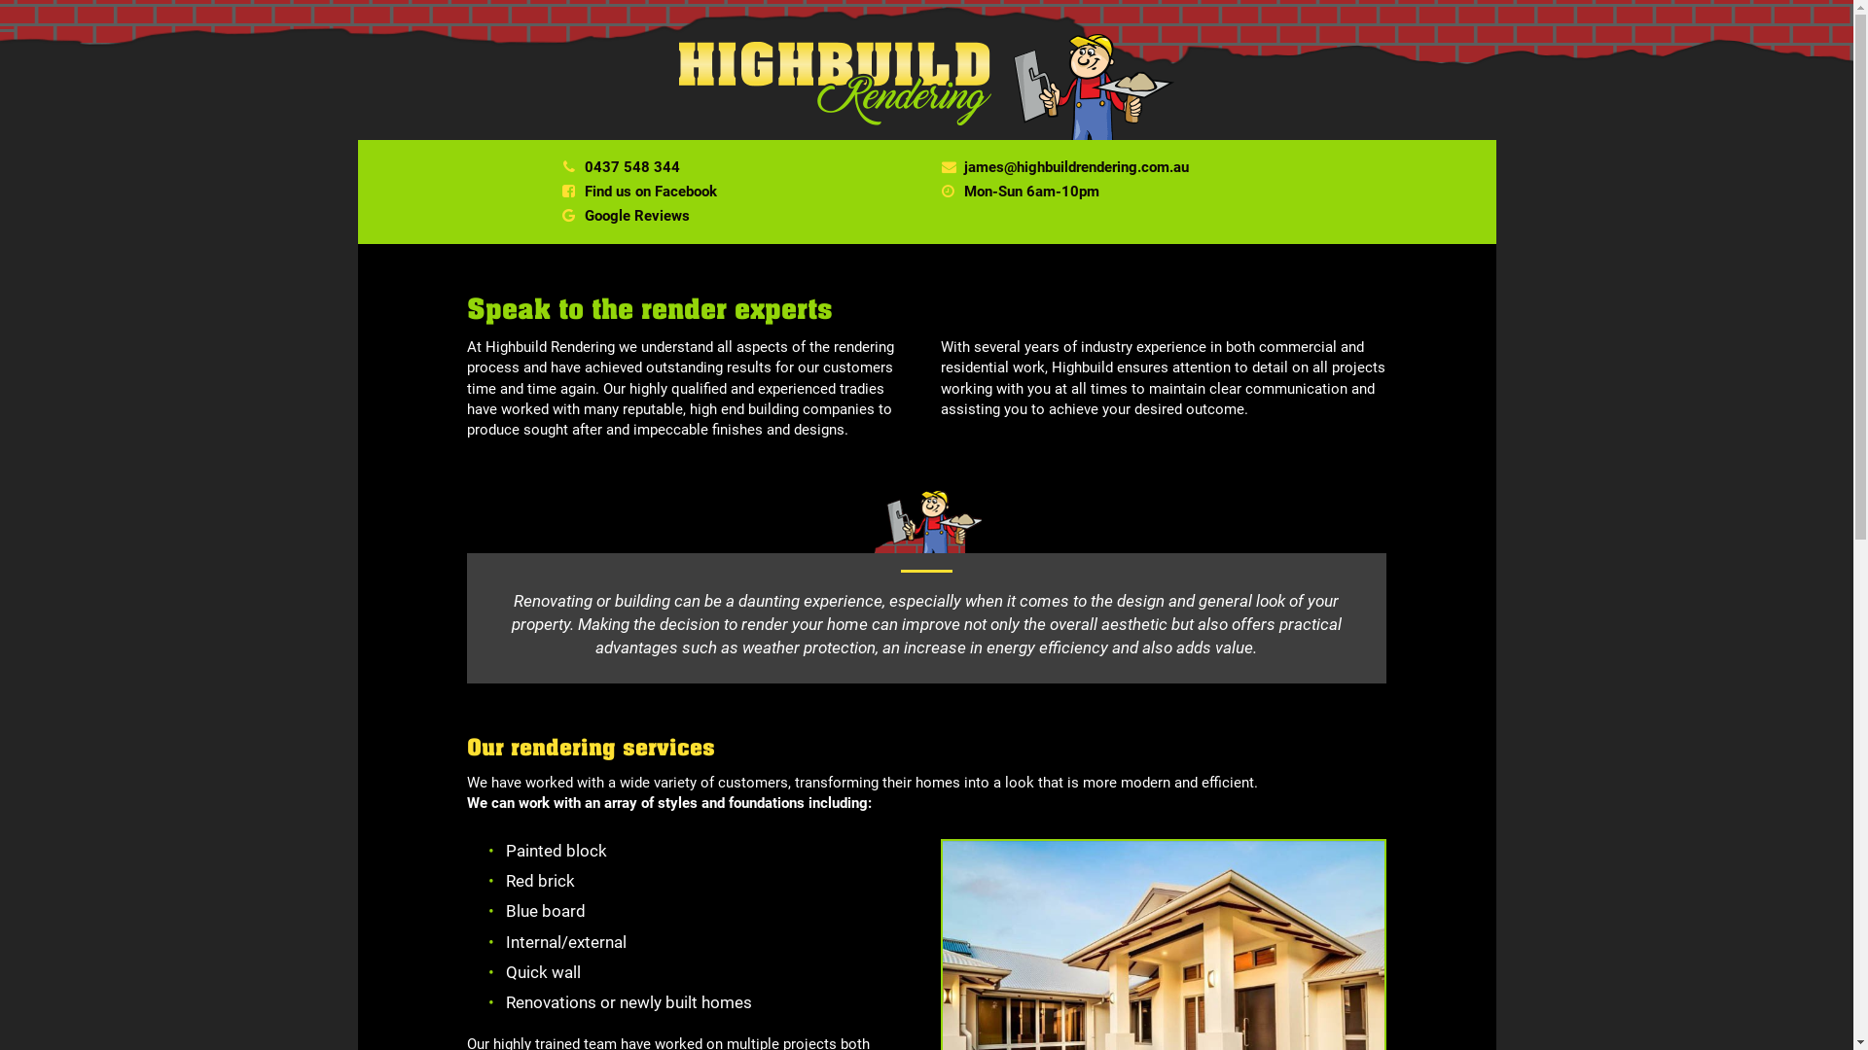 The height and width of the screenshot is (1050, 1868). Describe the element at coordinates (631, 166) in the screenshot. I see `'0437 548 344'` at that location.